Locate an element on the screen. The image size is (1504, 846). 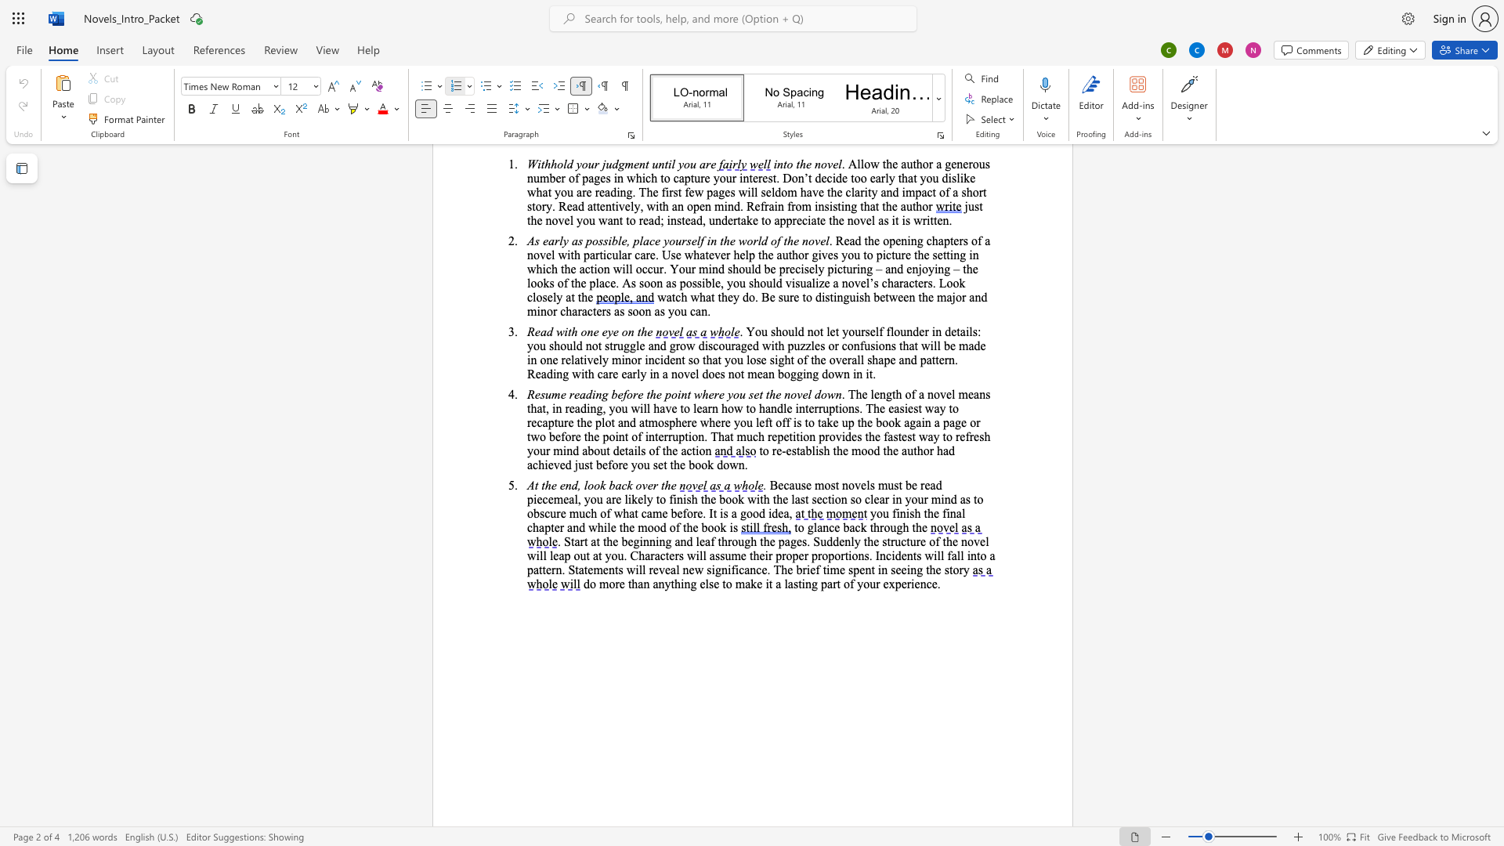
the 2th character "t" in the text is located at coordinates (543, 484).